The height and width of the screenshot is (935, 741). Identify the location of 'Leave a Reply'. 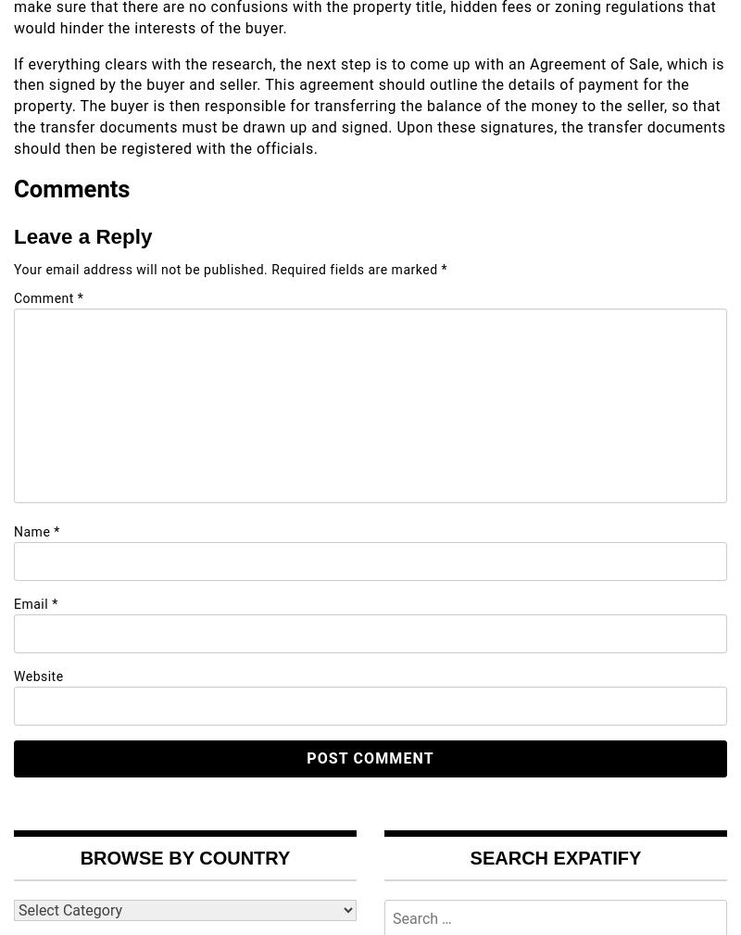
(82, 235).